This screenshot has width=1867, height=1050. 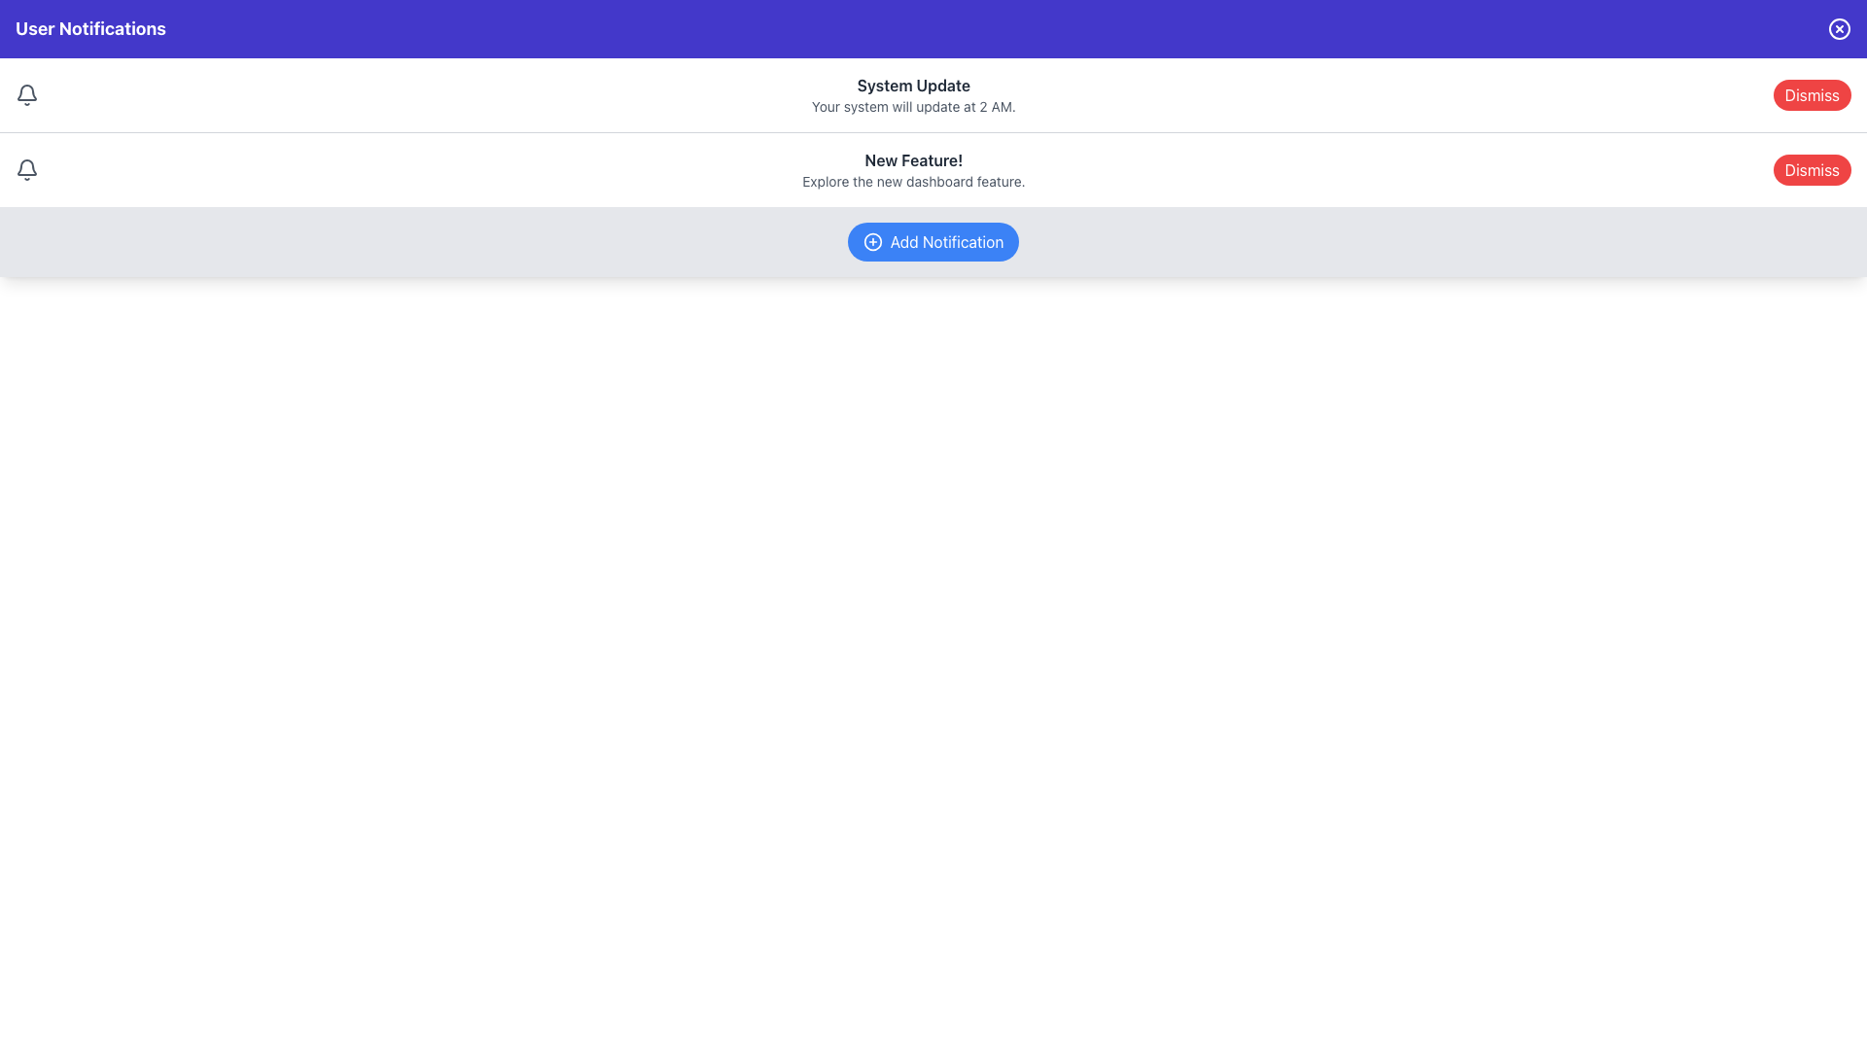 What do you see at coordinates (1811, 94) in the screenshot?
I see `the 'Dismiss' button, which is a rounded rectangular button with a red background located in the top-right region of the 'System Update' notification card` at bounding box center [1811, 94].